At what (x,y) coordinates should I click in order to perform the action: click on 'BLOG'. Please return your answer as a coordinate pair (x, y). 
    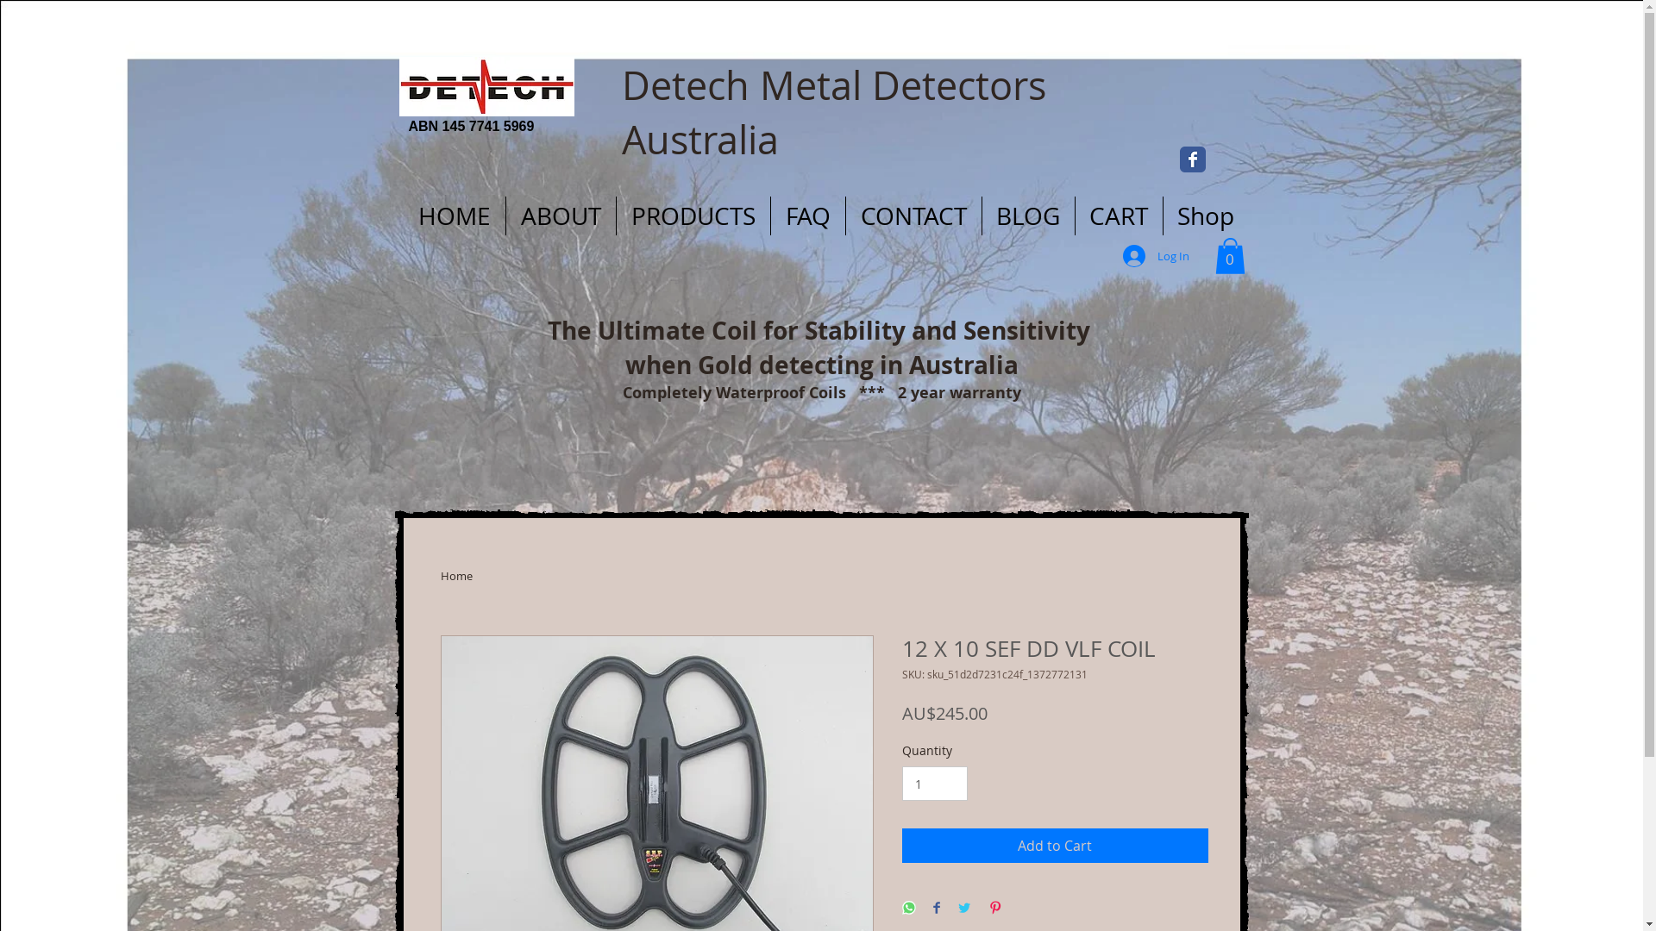
    Looking at the image, I should click on (981, 215).